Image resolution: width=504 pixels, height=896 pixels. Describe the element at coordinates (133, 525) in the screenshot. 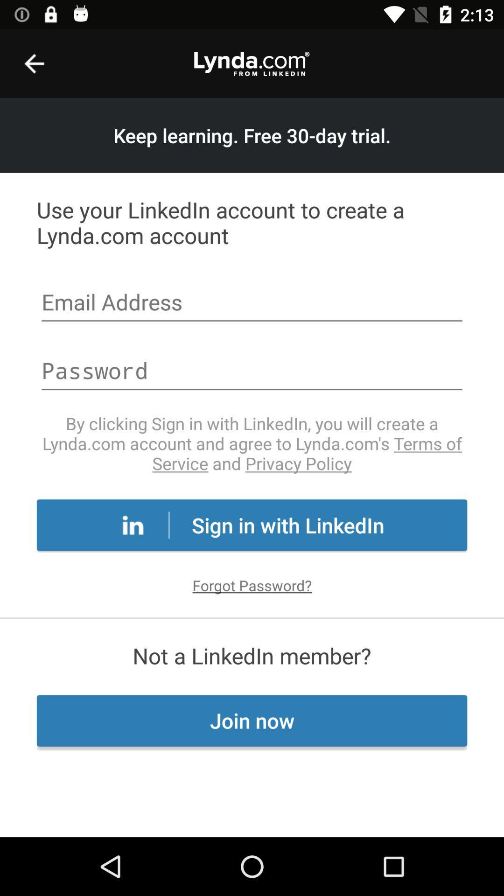

I see `in left to sign in with linkedin` at that location.